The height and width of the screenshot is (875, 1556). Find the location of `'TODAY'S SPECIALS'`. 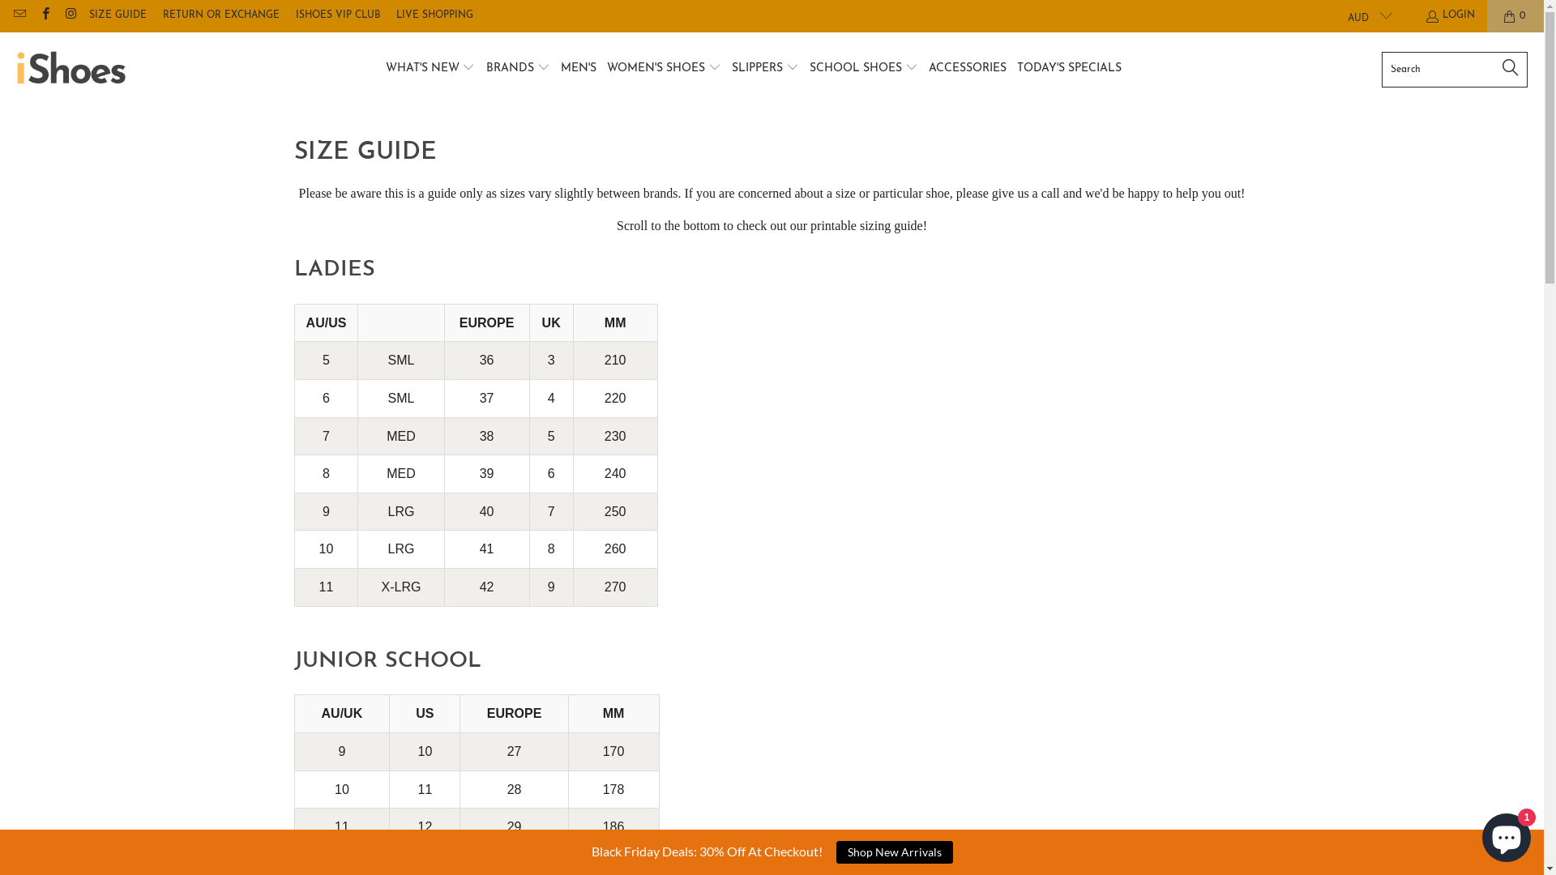

'TODAY'S SPECIALS' is located at coordinates (1069, 68).